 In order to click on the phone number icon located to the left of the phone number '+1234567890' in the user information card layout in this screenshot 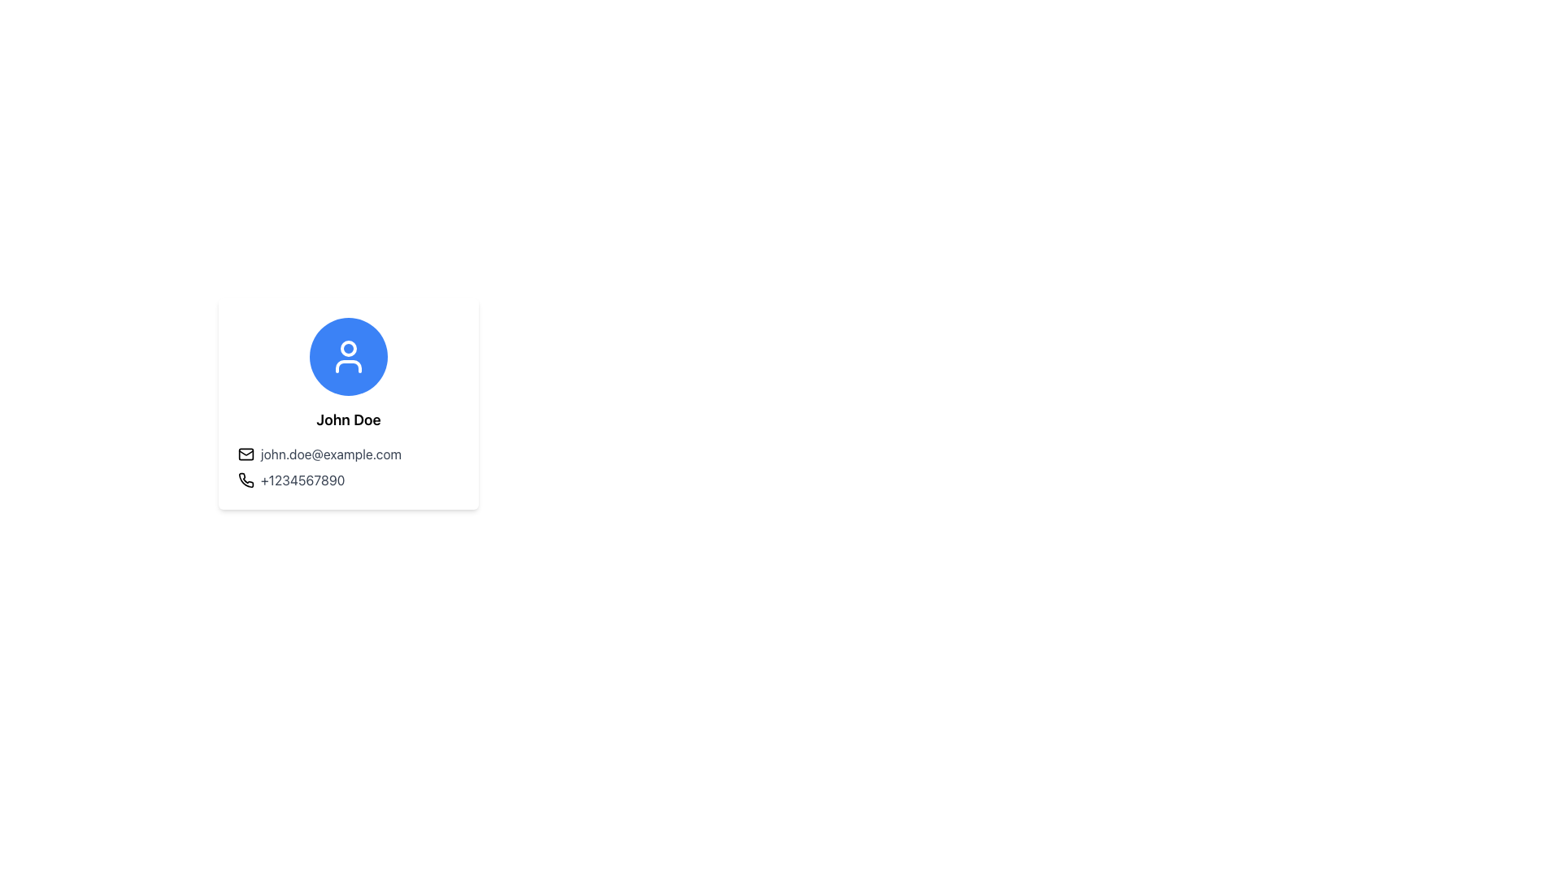, I will do `click(245, 479)`.